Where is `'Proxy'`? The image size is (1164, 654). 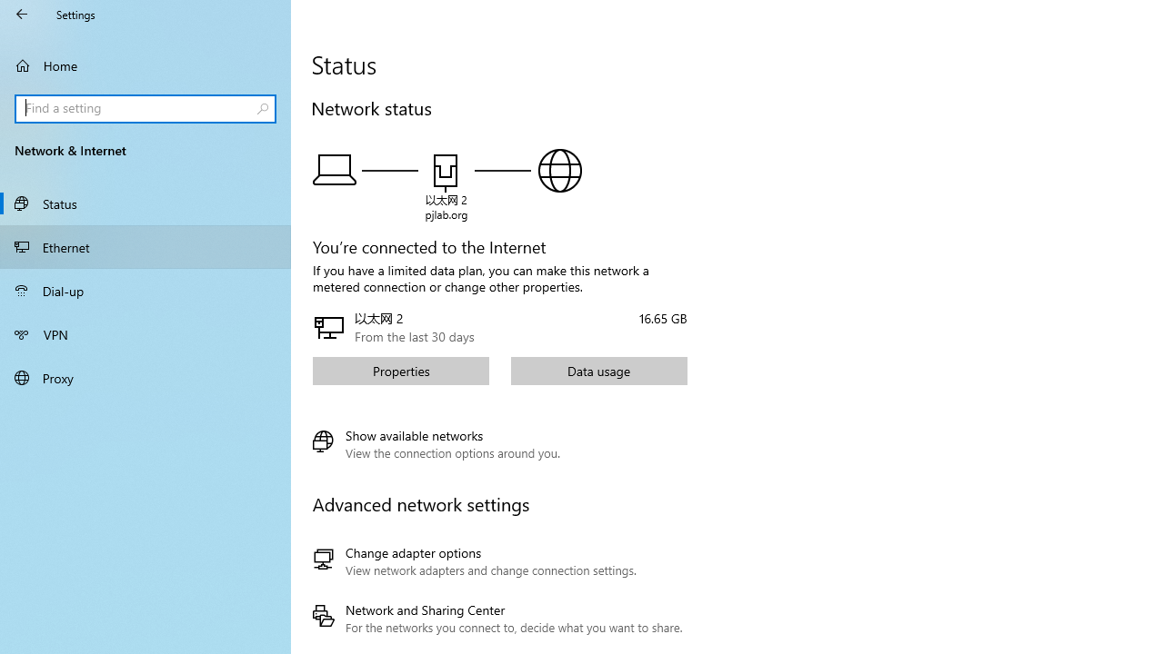
'Proxy' is located at coordinates (145, 376).